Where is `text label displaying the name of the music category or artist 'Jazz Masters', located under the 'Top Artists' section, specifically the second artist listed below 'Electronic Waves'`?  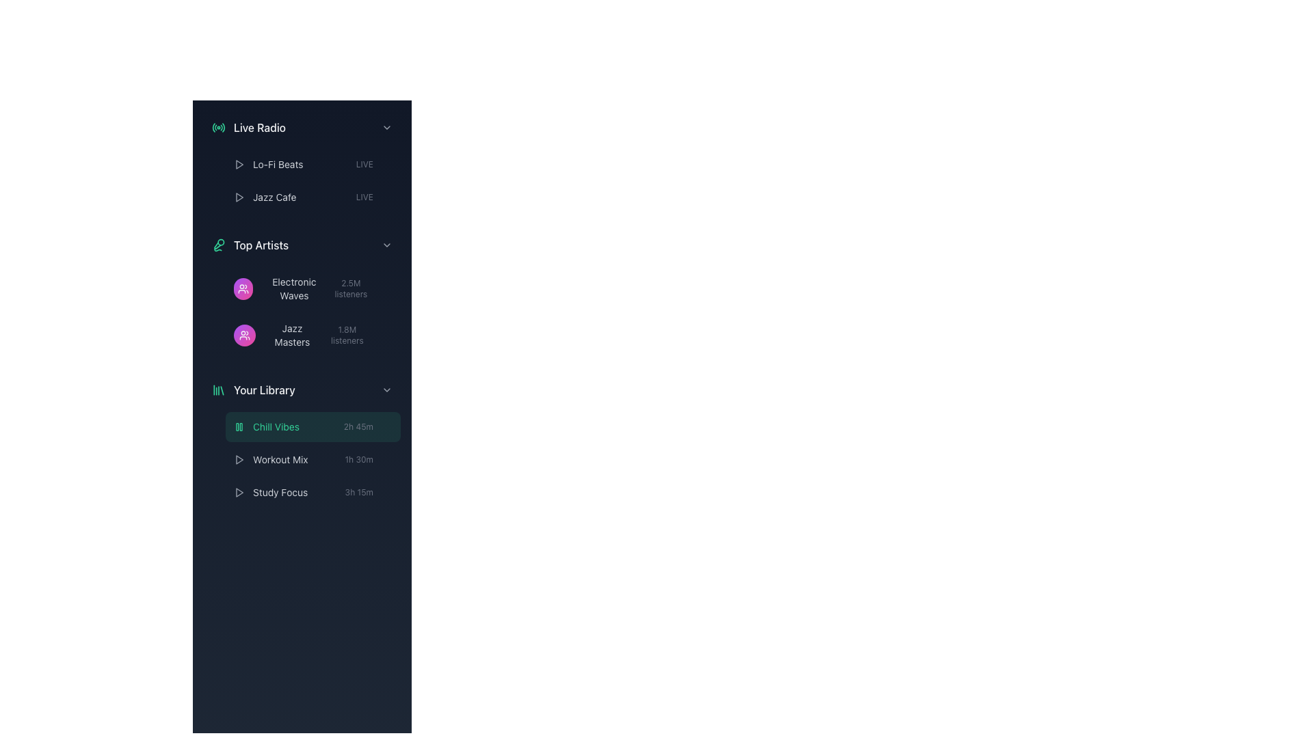 text label displaying the name of the music category or artist 'Jazz Masters', located under the 'Top Artists' section, specifically the second artist listed below 'Electronic Waves' is located at coordinates (291, 335).